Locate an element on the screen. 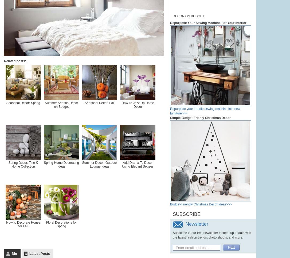  'Decor on Budget' is located at coordinates (188, 16).